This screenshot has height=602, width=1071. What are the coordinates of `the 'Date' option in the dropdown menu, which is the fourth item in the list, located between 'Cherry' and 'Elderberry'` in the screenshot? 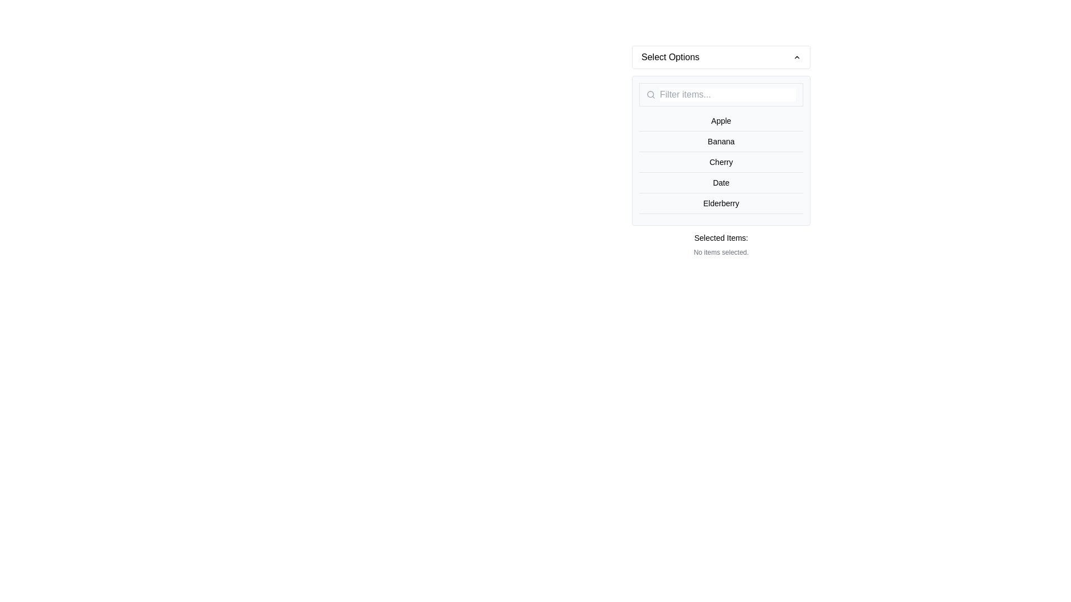 It's located at (721, 182).